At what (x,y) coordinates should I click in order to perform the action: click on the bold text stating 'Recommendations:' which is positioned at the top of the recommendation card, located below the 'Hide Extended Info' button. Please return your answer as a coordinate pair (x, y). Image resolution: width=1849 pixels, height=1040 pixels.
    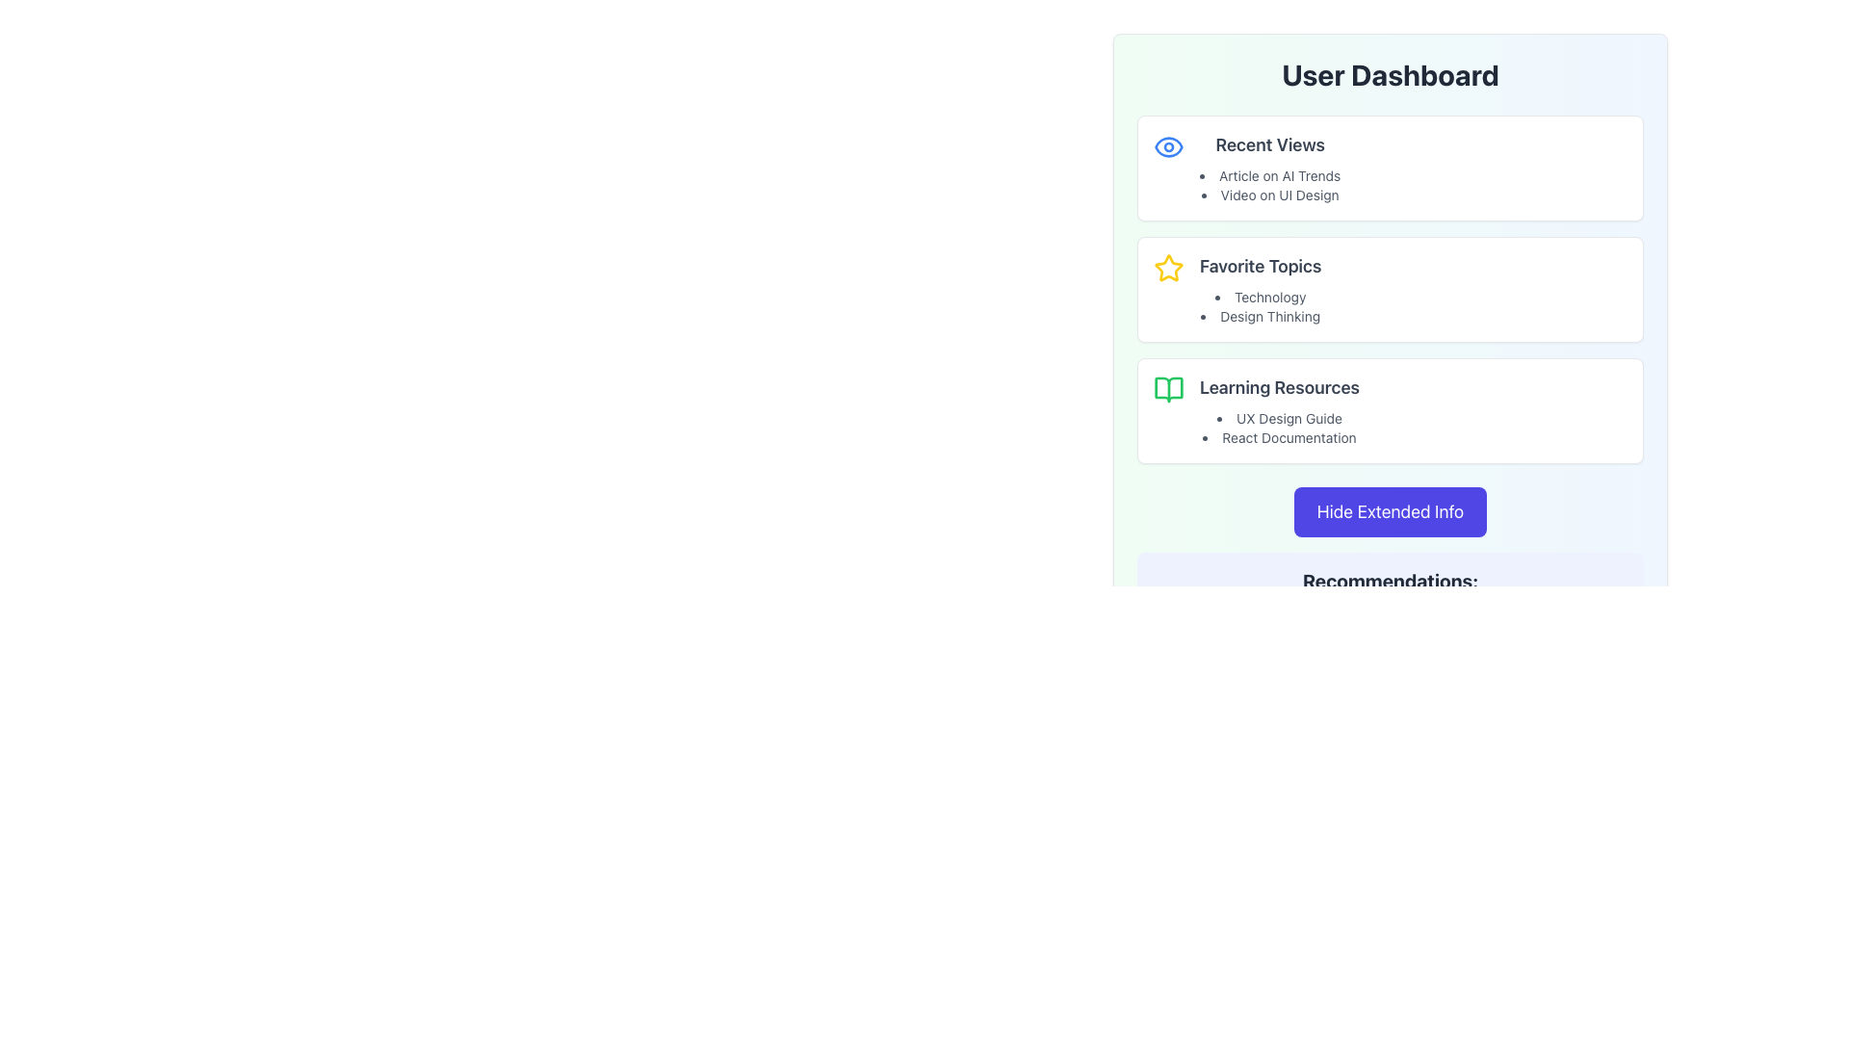
    Looking at the image, I should click on (1391, 581).